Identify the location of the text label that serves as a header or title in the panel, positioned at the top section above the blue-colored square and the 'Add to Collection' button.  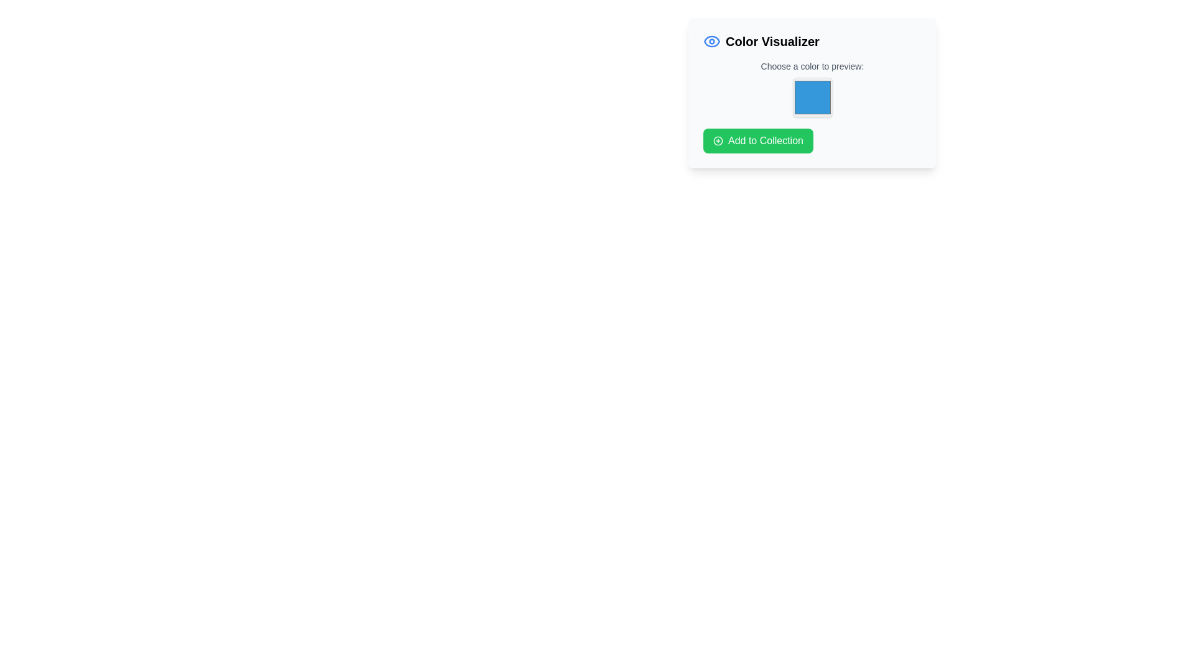
(772, 40).